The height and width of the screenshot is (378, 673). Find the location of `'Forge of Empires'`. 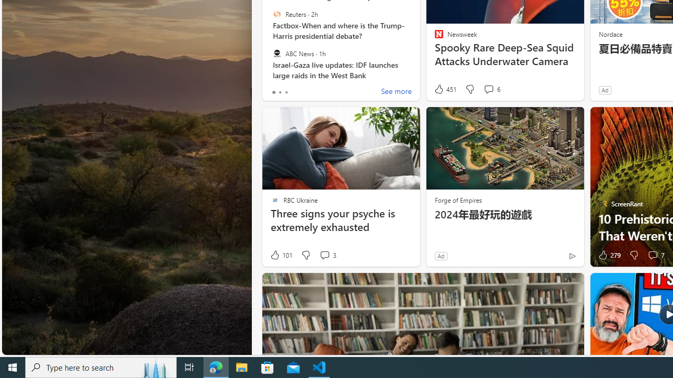

'Forge of Empires' is located at coordinates (458, 199).